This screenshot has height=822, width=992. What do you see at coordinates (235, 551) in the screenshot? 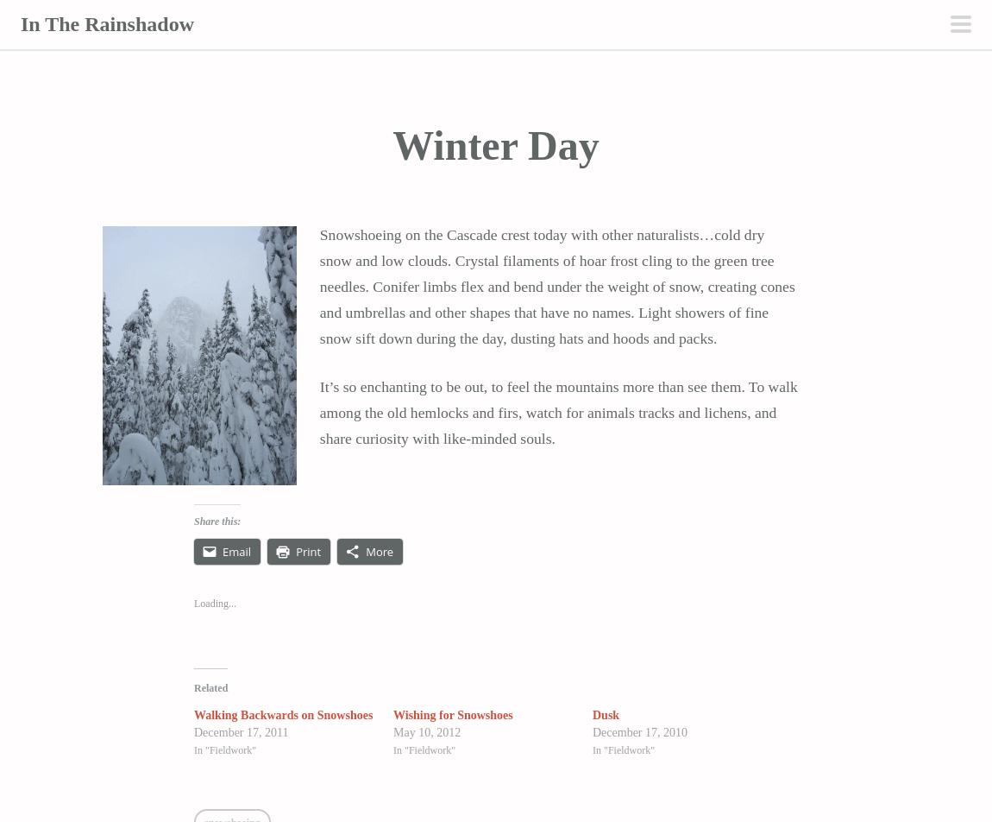
I see `'Email'` at bounding box center [235, 551].